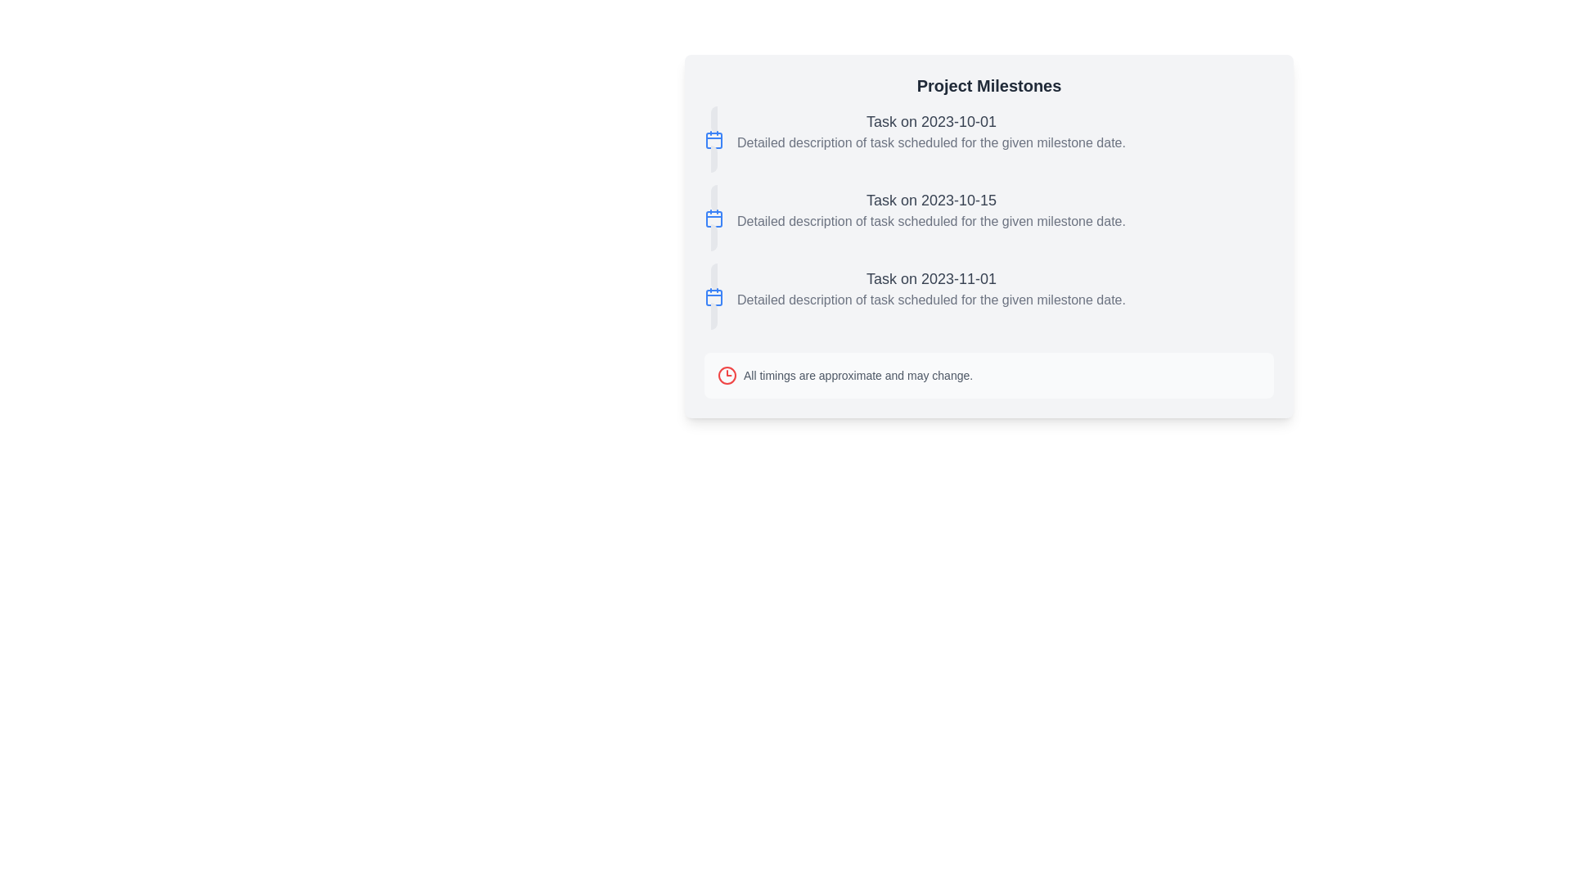 The height and width of the screenshot is (884, 1571). What do you see at coordinates (988, 217) in the screenshot?
I see `the second list item under the 'Project Milestones' heading, which contains a blue calendar icon, a bold title 'Task on 2023-10-15', and a smaller grey description` at bounding box center [988, 217].